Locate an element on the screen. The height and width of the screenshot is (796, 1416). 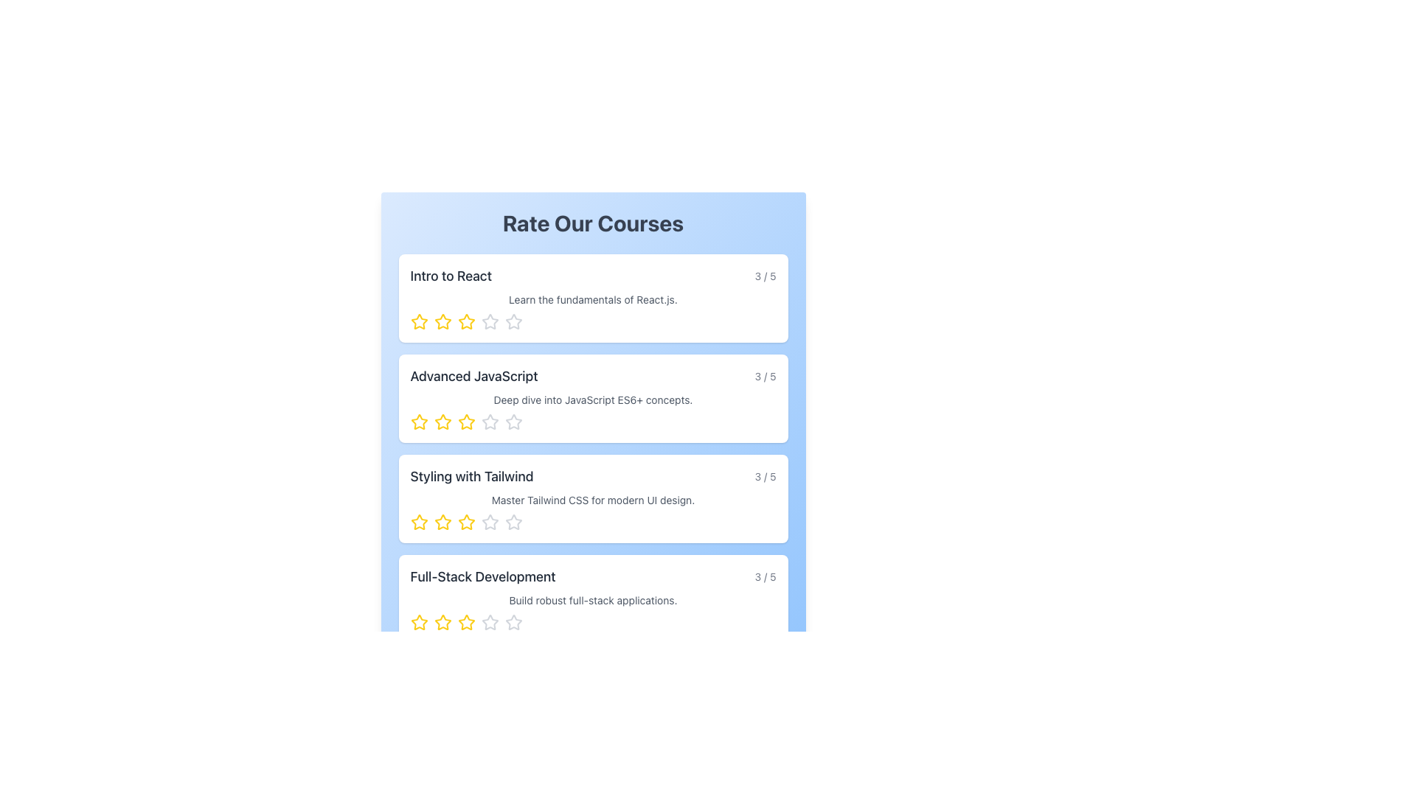
the third card component in the vertical list that provides information about the 'Styling with Tailwind' course is located at coordinates (593, 498).